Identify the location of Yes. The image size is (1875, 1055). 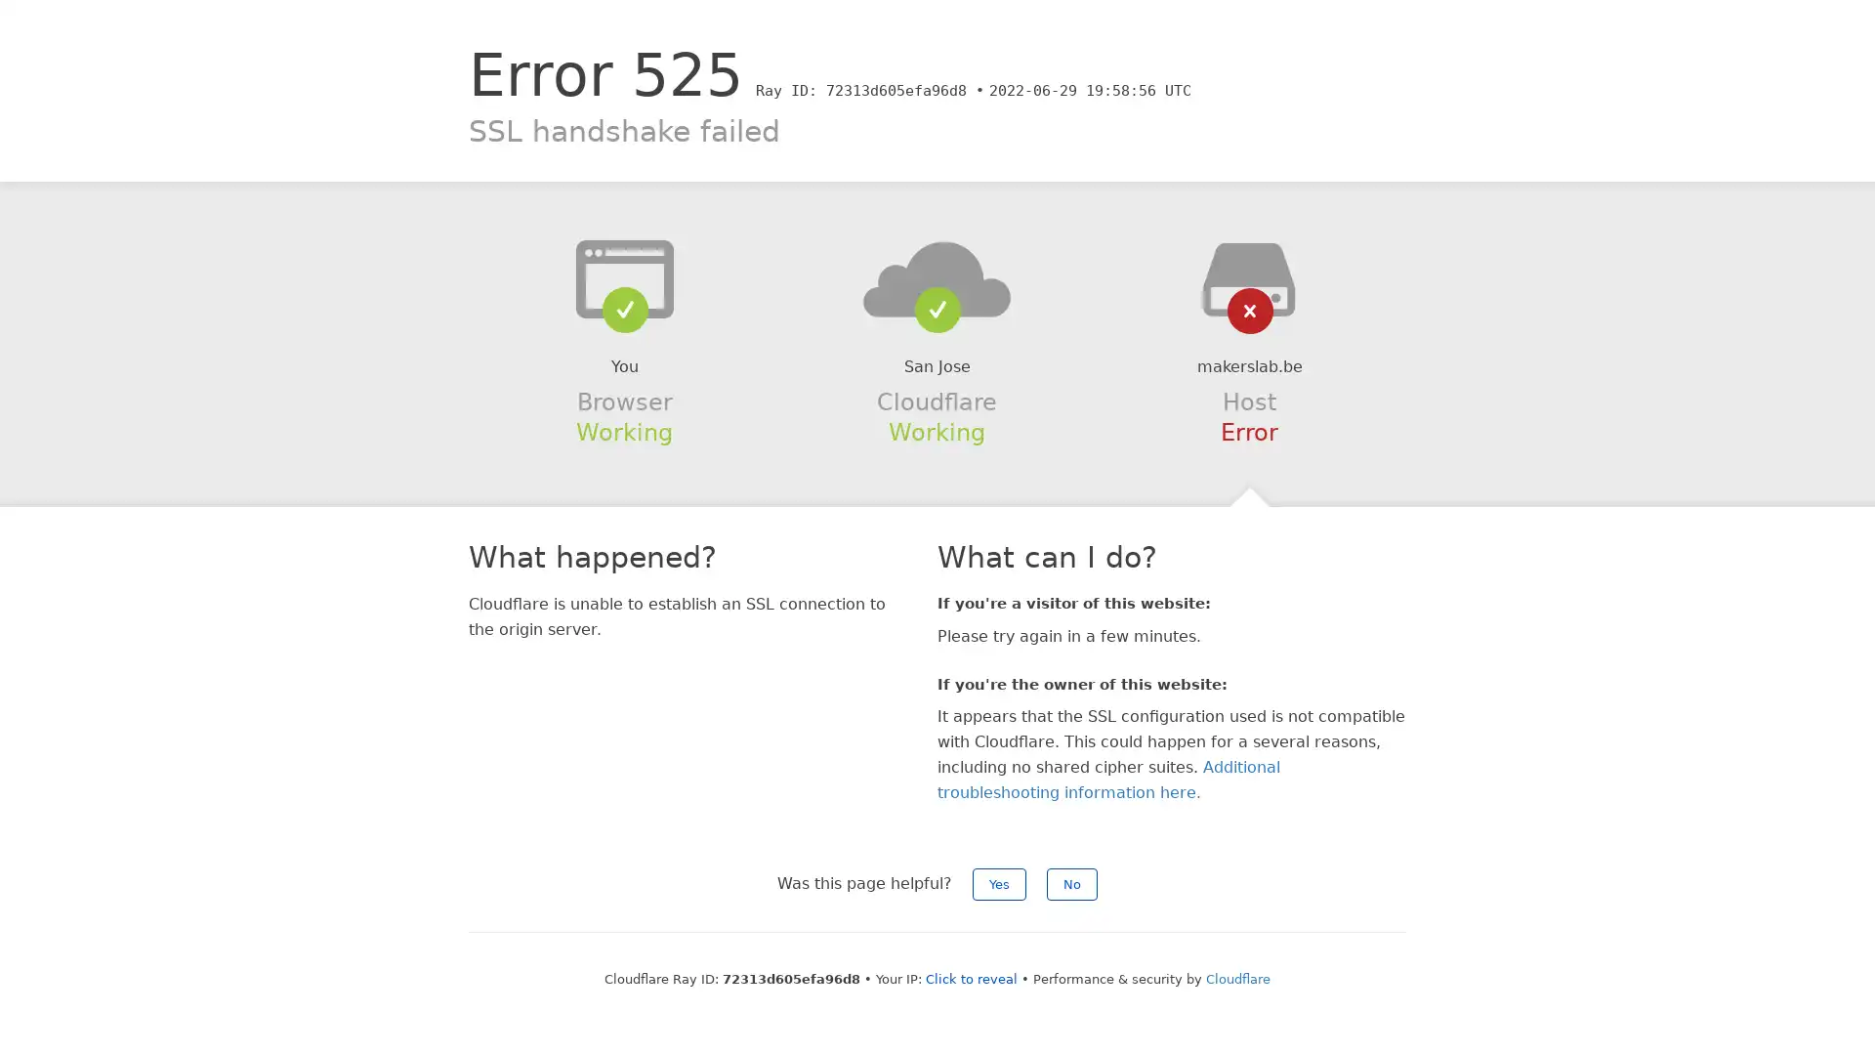
(999, 884).